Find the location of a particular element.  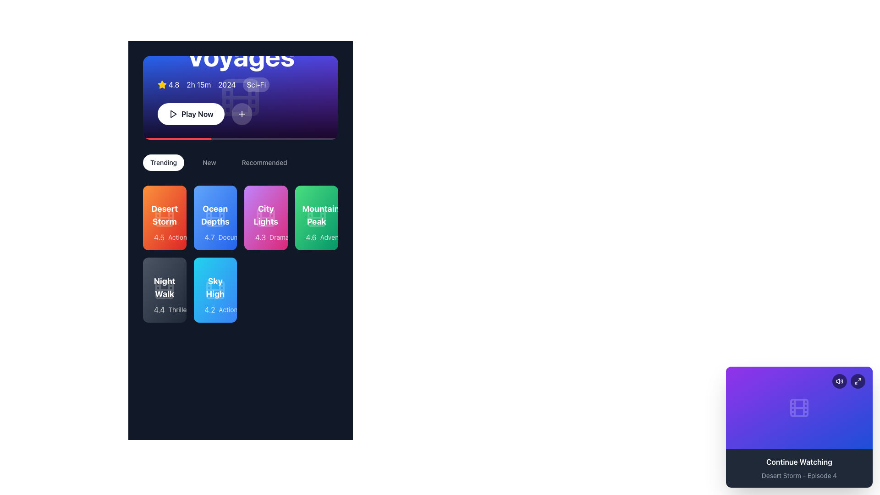

the rating and genre descriptor element containing a star icon, the text '4.2', and the label 'Action' within the blue background card labeled 'Sky High' is located at coordinates (214, 309).